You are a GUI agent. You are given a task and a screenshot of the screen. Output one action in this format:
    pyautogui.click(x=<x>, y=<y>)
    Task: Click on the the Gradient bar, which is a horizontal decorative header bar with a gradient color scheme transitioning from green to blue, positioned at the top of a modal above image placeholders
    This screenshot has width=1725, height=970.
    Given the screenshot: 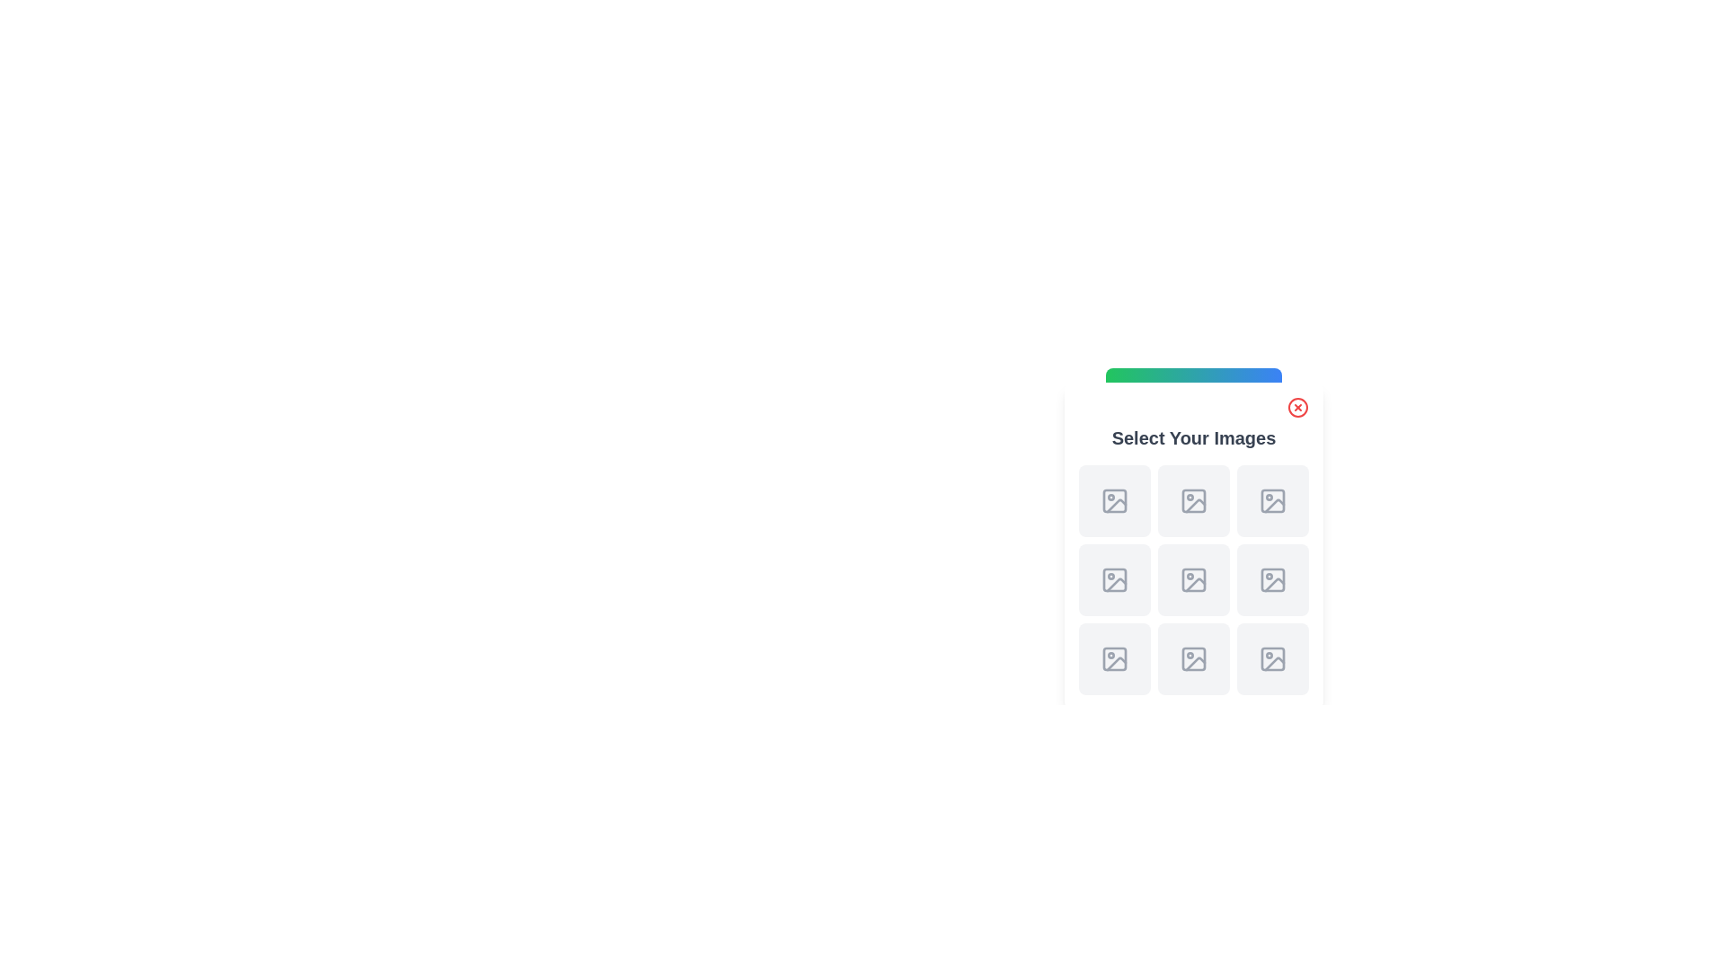 What is the action you would take?
    pyautogui.click(x=1194, y=390)
    